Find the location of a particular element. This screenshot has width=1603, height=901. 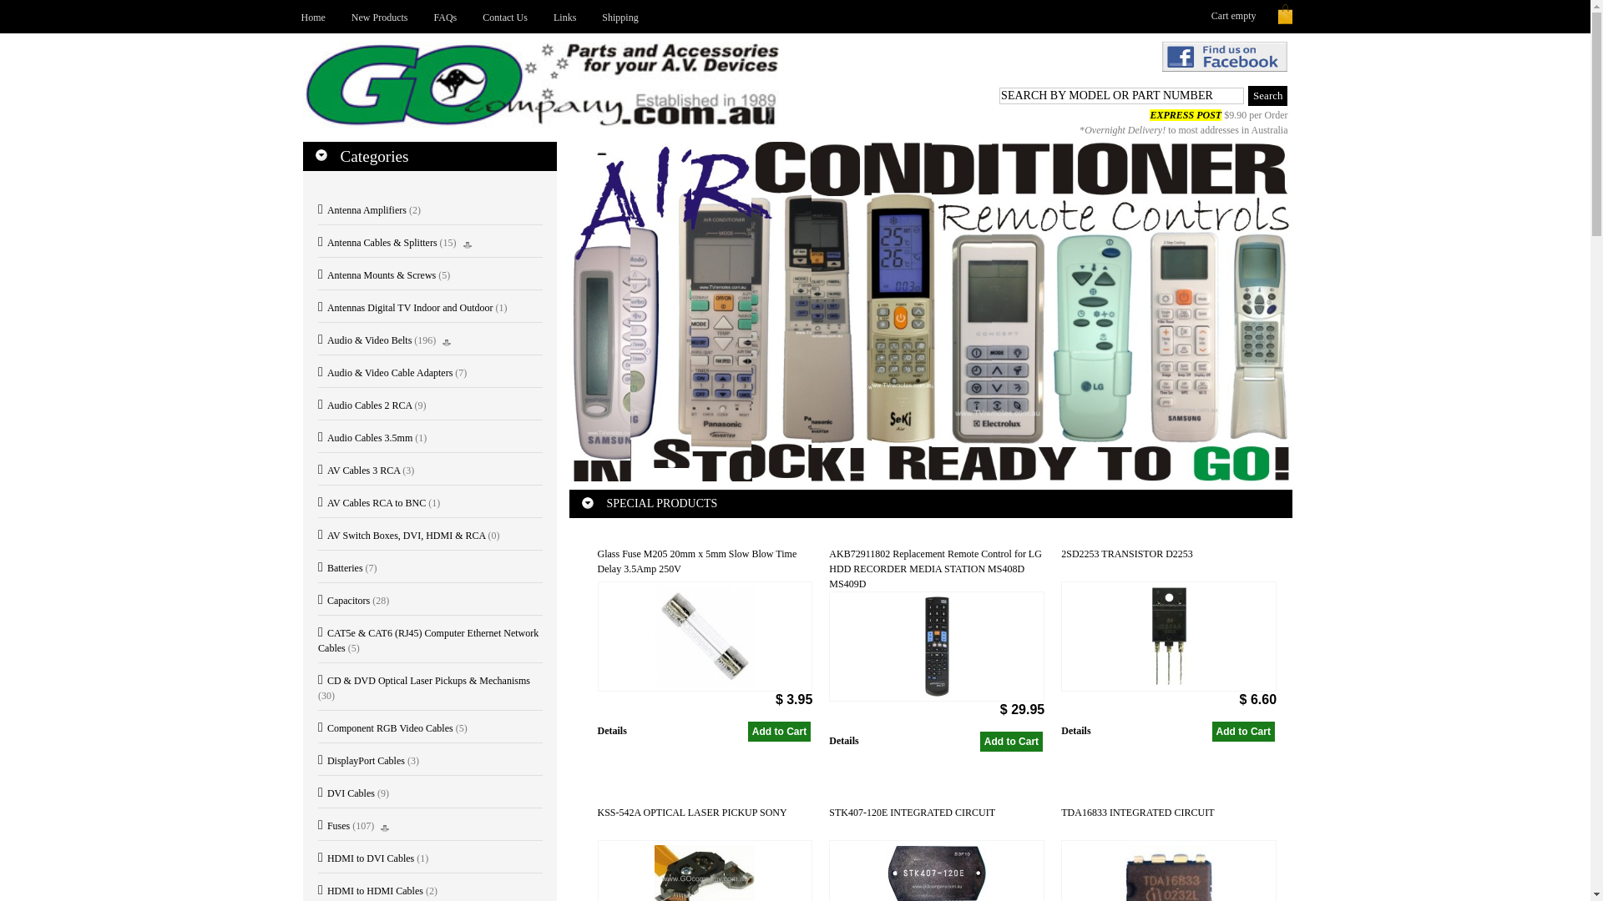

'AV Cables 3 RCA' is located at coordinates (358, 470).